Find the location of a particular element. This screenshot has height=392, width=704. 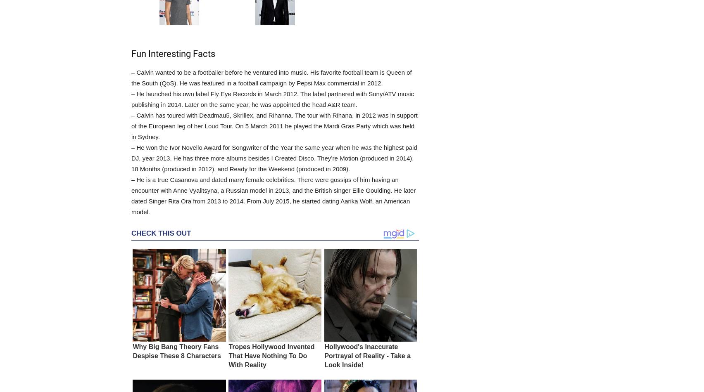

'– Calvin wanted to be a footballer before he ventured into music. His favorite football team is Queen of the South (QoS). He was featured in a football campaign by Pepsi Max commercial in 2012.' is located at coordinates (271, 78).